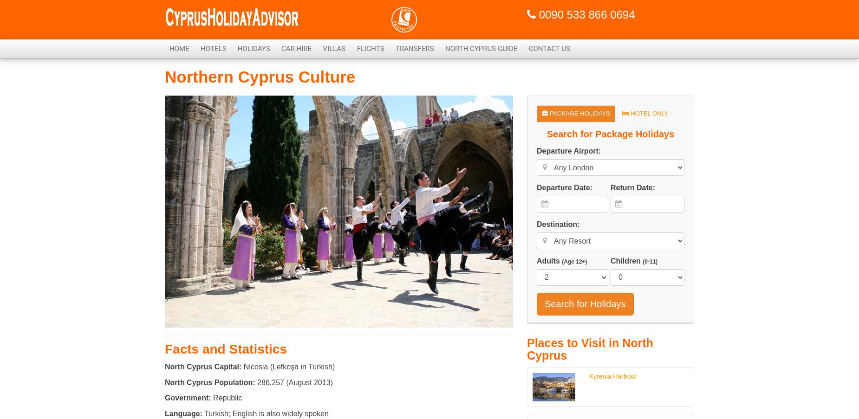  I want to click on 'Villas', so click(334, 49).